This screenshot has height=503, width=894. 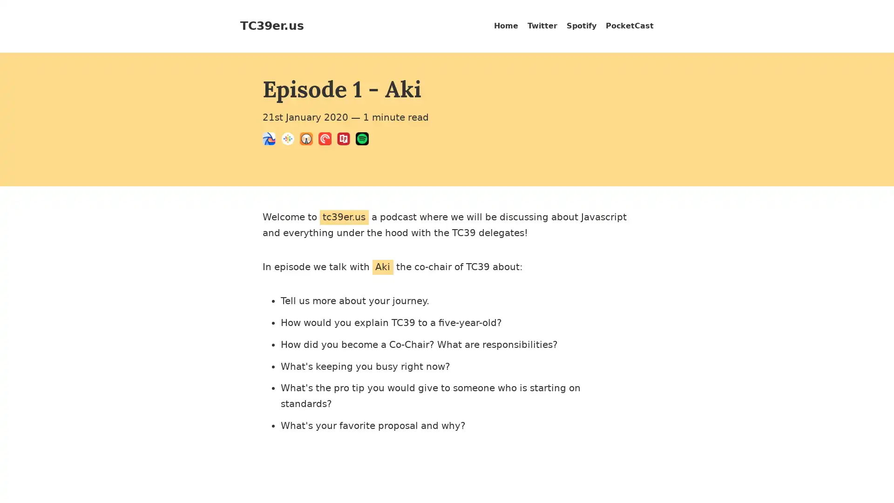 I want to click on Breaker Logo, so click(x=271, y=140).